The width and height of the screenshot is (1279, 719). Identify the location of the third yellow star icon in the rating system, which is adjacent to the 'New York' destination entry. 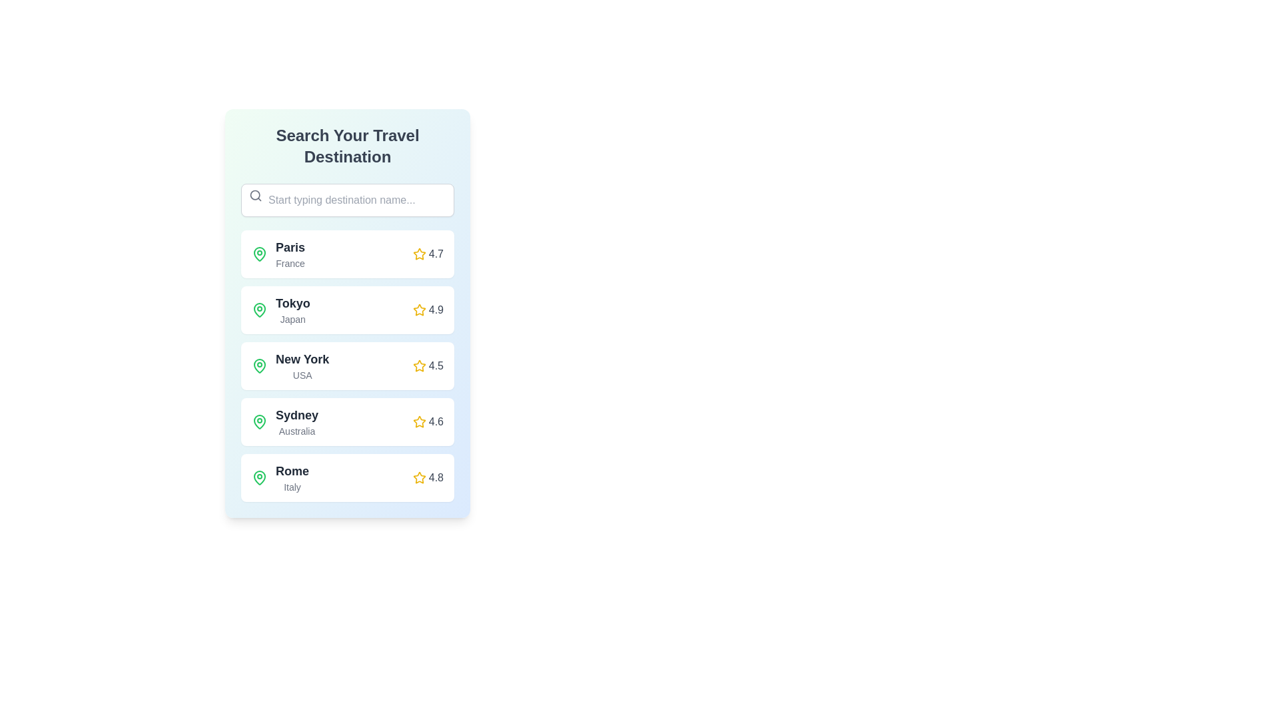
(418, 365).